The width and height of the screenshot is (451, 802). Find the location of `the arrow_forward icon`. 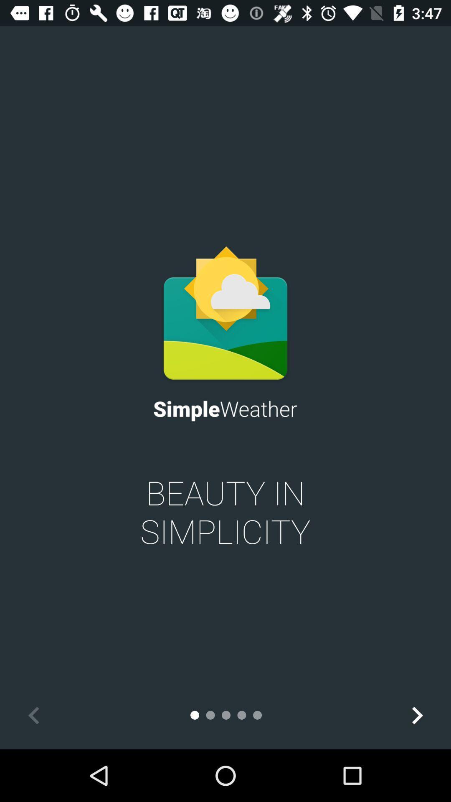

the arrow_forward icon is located at coordinates (417, 715).